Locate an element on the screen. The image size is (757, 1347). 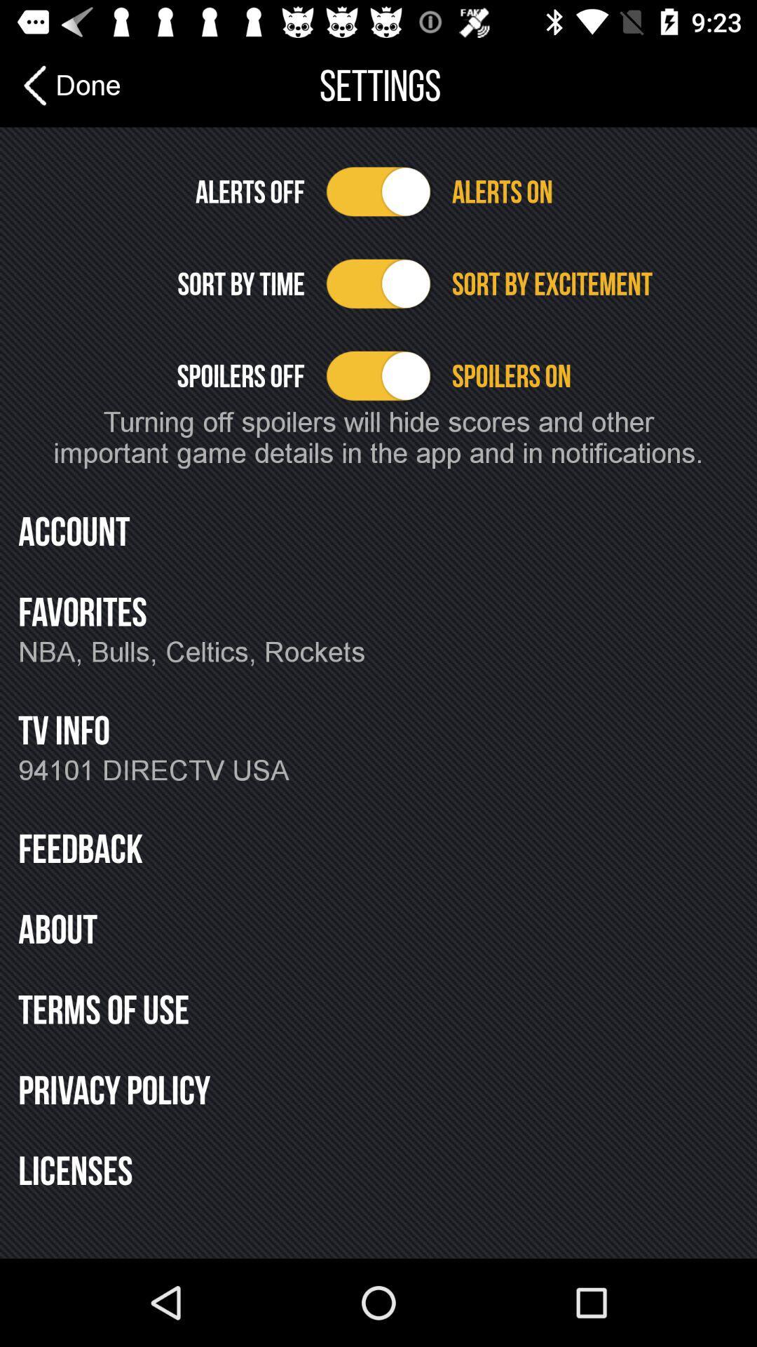
alerts off icon is located at coordinates (161, 191).